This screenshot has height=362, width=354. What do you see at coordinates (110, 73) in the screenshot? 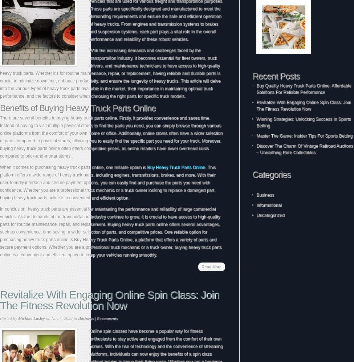
I see `'With the increasing demands and challenges faced by the transportation industry, it becomes essential for fleet owners, truck drivers, and maintenance technicians to have access to high-quality heavy truck parts. Whether it’s for routine maintenance, repair, or replacement, having reliable and durable parts is crucial to minimize downtime, enhance productivity, and ensure the longevity of heavy trucks. This article will delve into the various types of heavy truck parts available in the market, their importance in maintaining optimal truck performance, and the factors to consider when choosing the right parts for specific truck models.'` at bounding box center [110, 73].